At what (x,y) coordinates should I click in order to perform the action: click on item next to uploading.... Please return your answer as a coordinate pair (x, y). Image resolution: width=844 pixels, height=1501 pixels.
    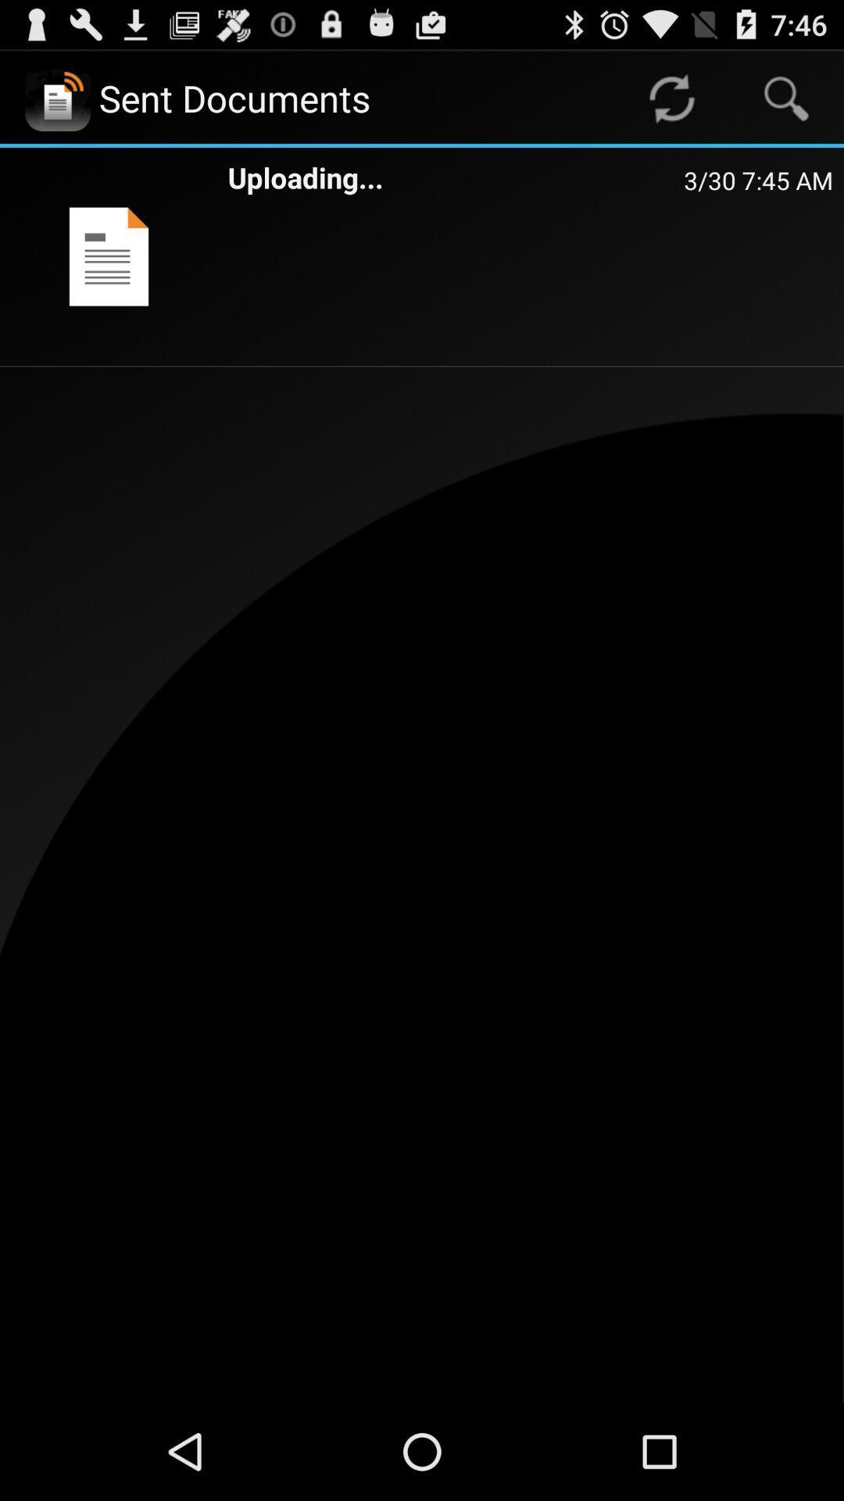
    Looking at the image, I should click on (757, 180).